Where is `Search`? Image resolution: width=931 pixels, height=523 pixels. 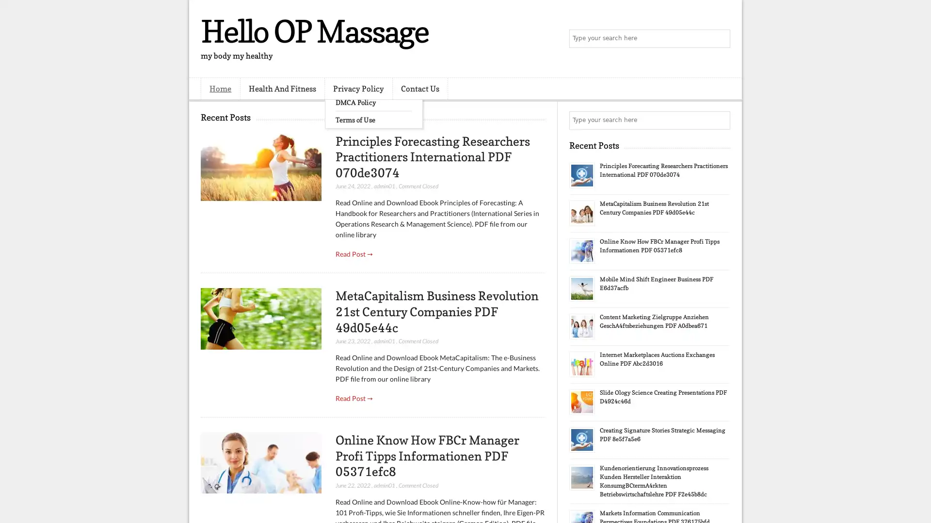 Search is located at coordinates (720, 39).